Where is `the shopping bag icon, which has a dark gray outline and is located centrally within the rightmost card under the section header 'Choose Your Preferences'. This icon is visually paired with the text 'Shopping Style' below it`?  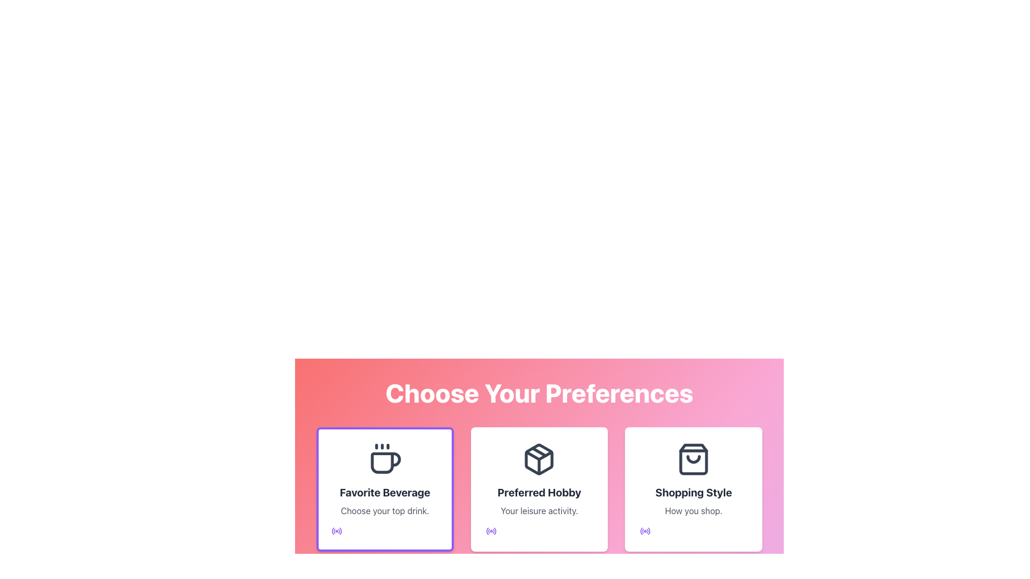
the shopping bag icon, which has a dark gray outline and is located centrally within the rightmost card under the section header 'Choose Your Preferences'. This icon is visually paired with the text 'Shopping Style' below it is located at coordinates (694, 458).